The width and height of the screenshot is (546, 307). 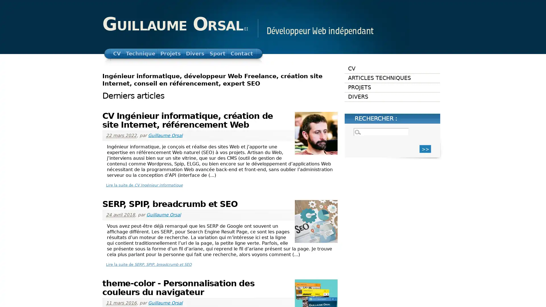 I want to click on >>, so click(x=425, y=148).